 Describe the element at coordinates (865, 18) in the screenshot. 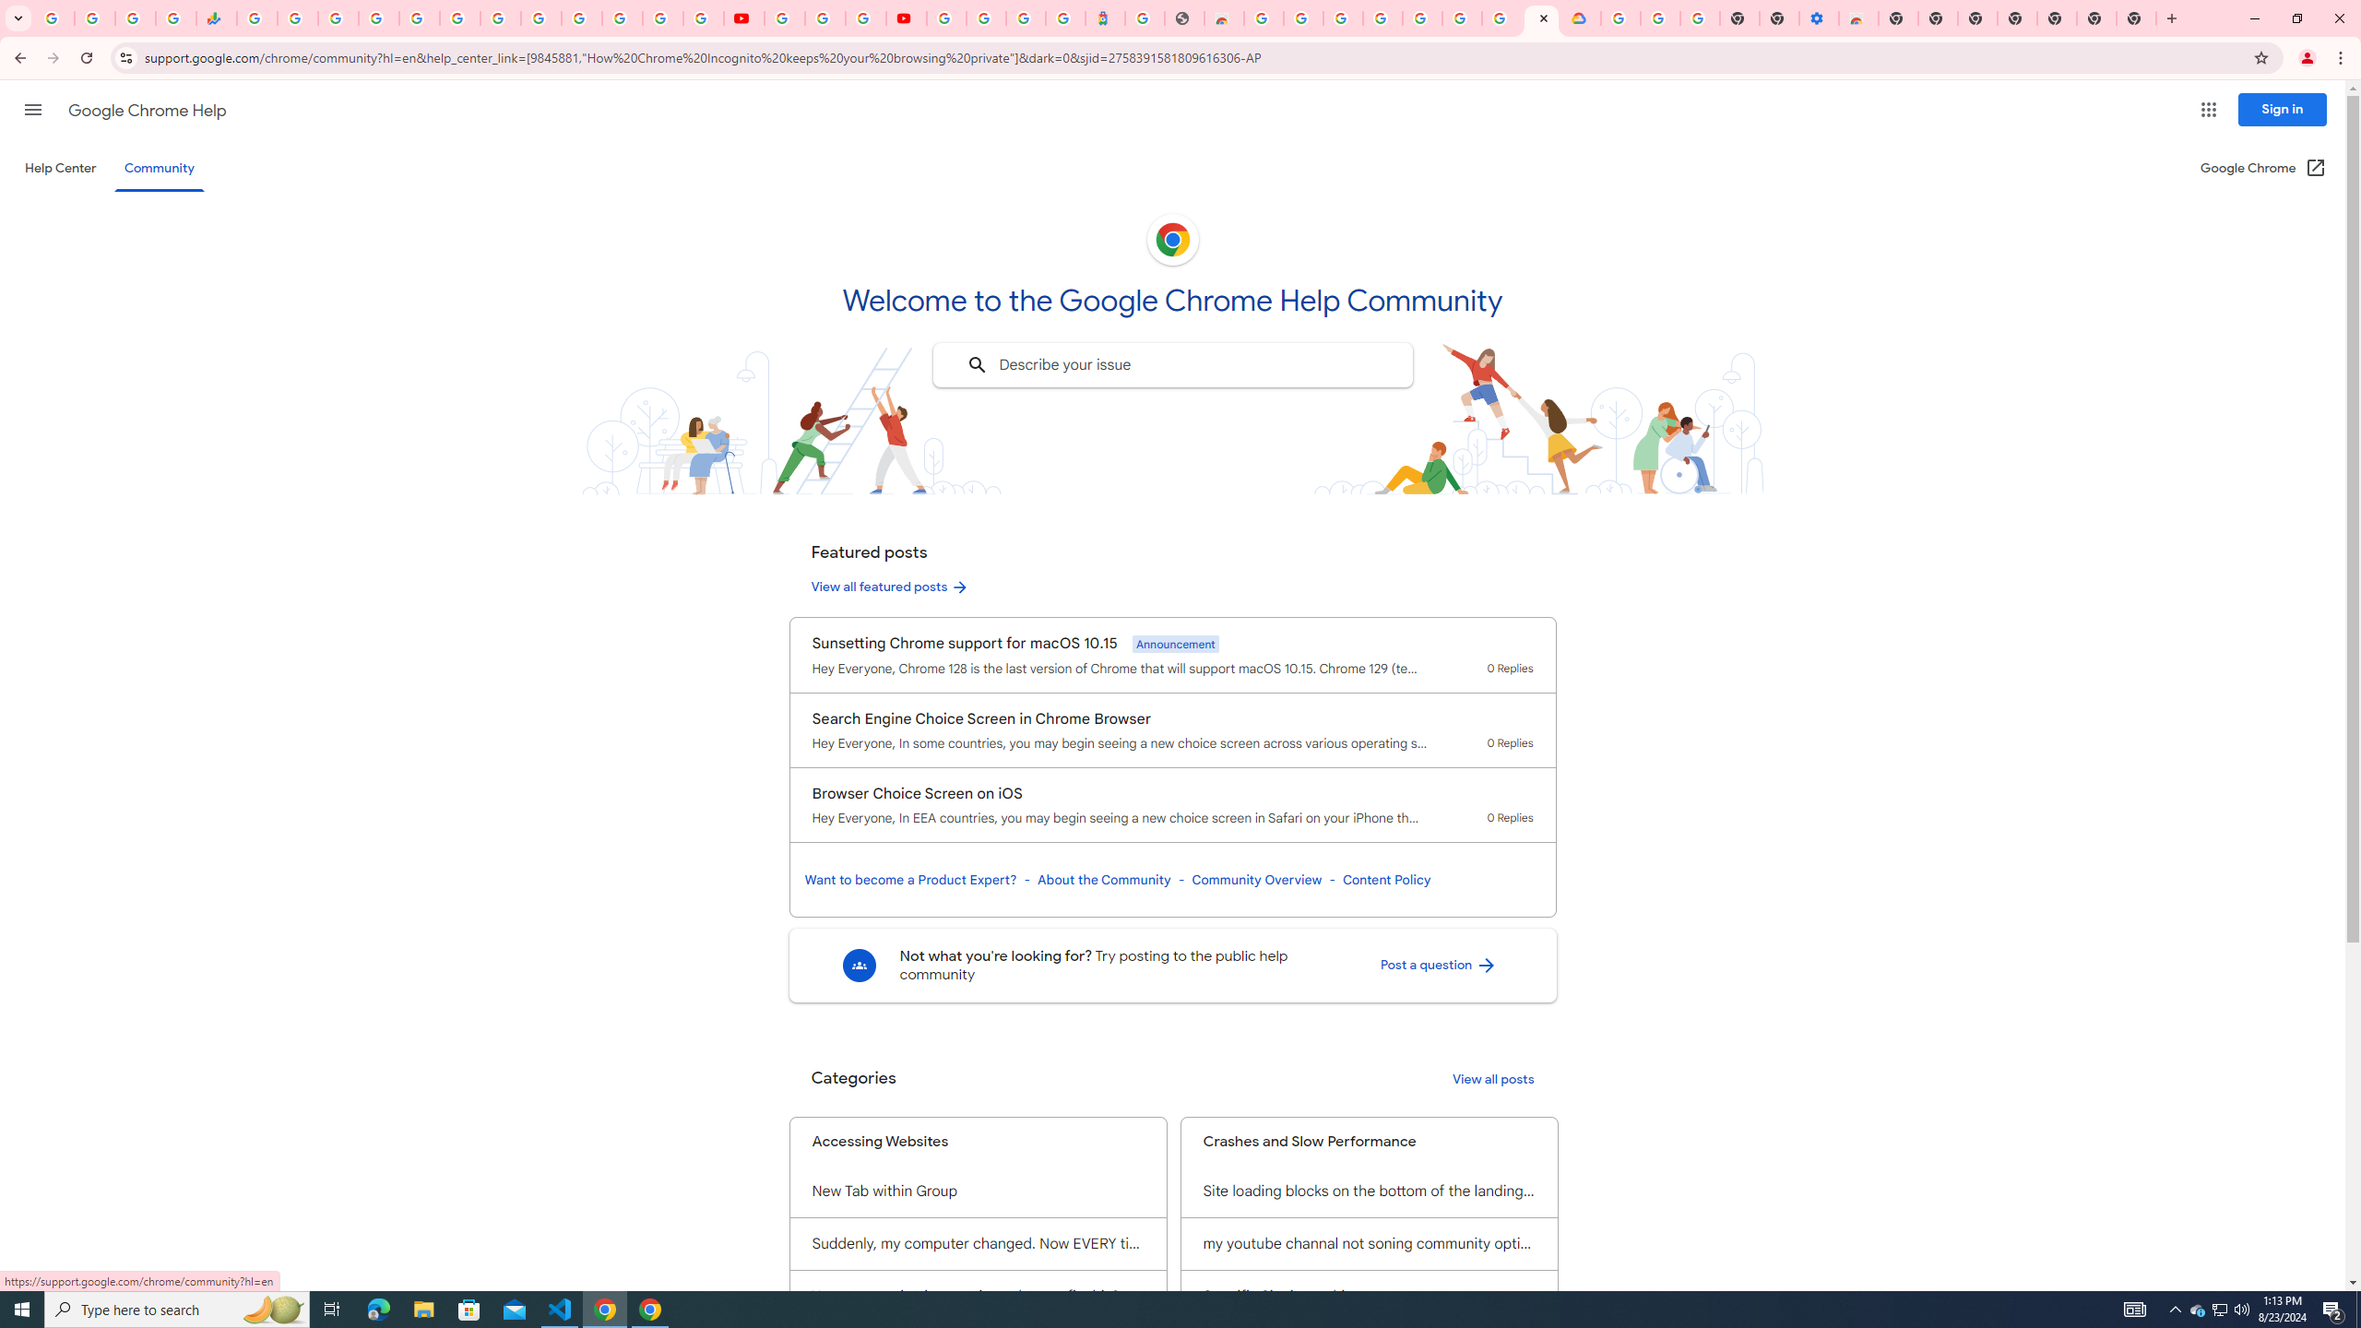

I see `'Create your Google Account'` at that location.